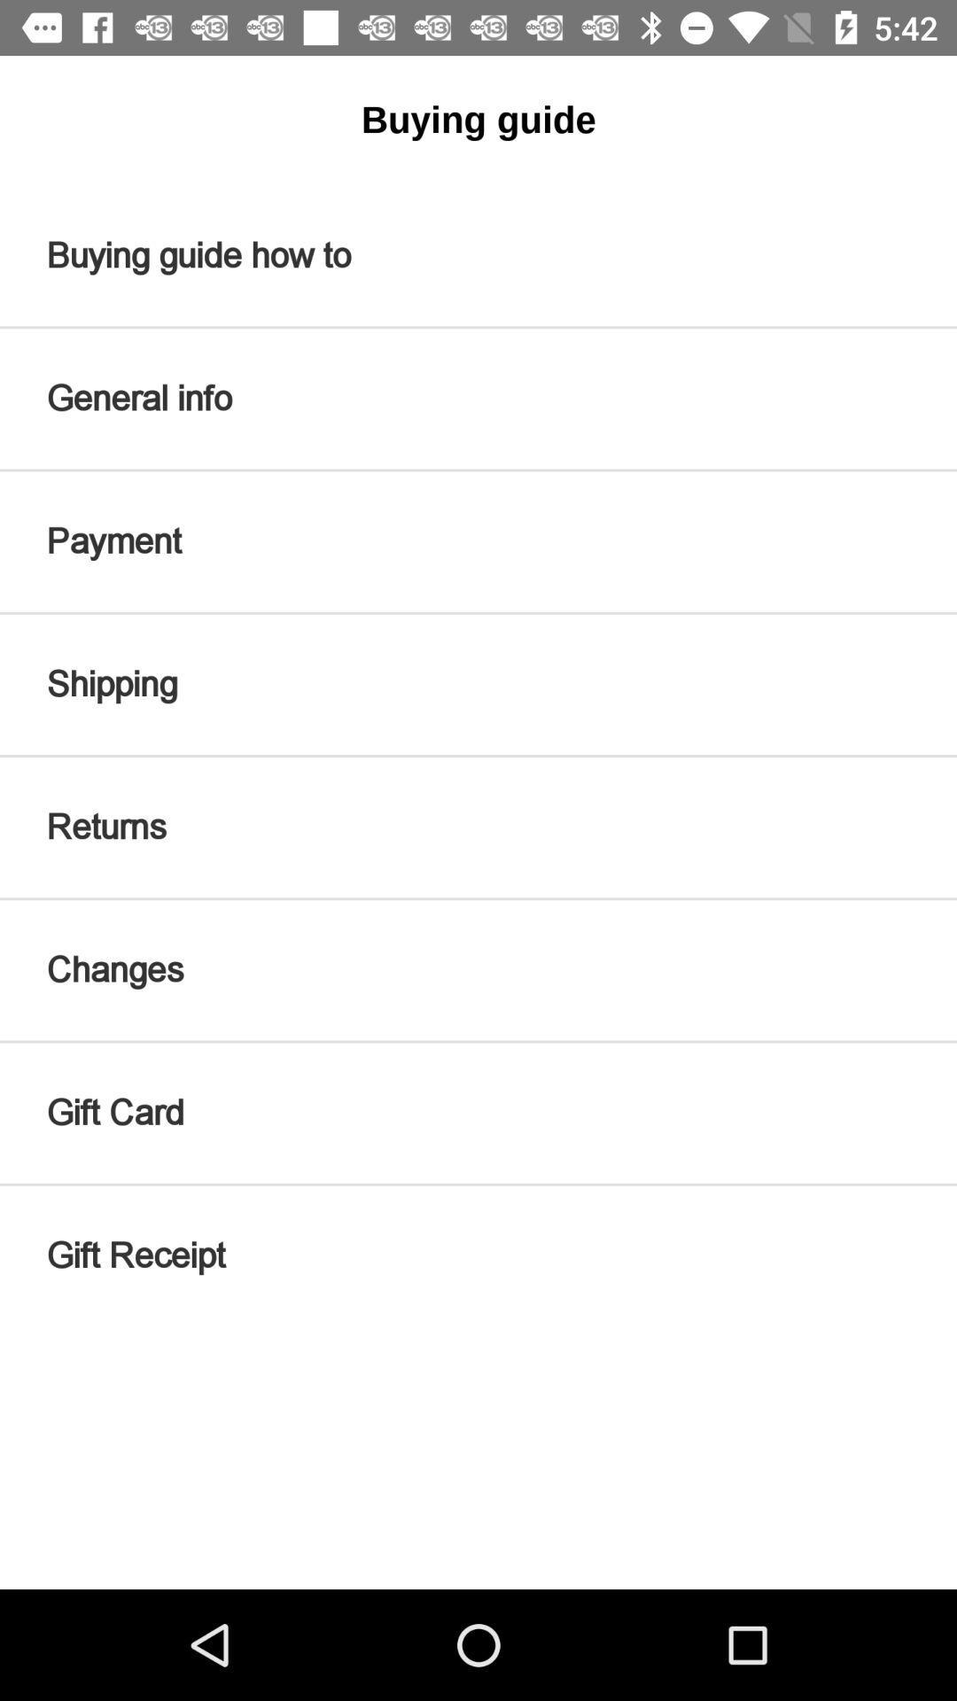 This screenshot has width=957, height=1701. Describe the element at coordinates (478, 969) in the screenshot. I see `the changes icon` at that location.